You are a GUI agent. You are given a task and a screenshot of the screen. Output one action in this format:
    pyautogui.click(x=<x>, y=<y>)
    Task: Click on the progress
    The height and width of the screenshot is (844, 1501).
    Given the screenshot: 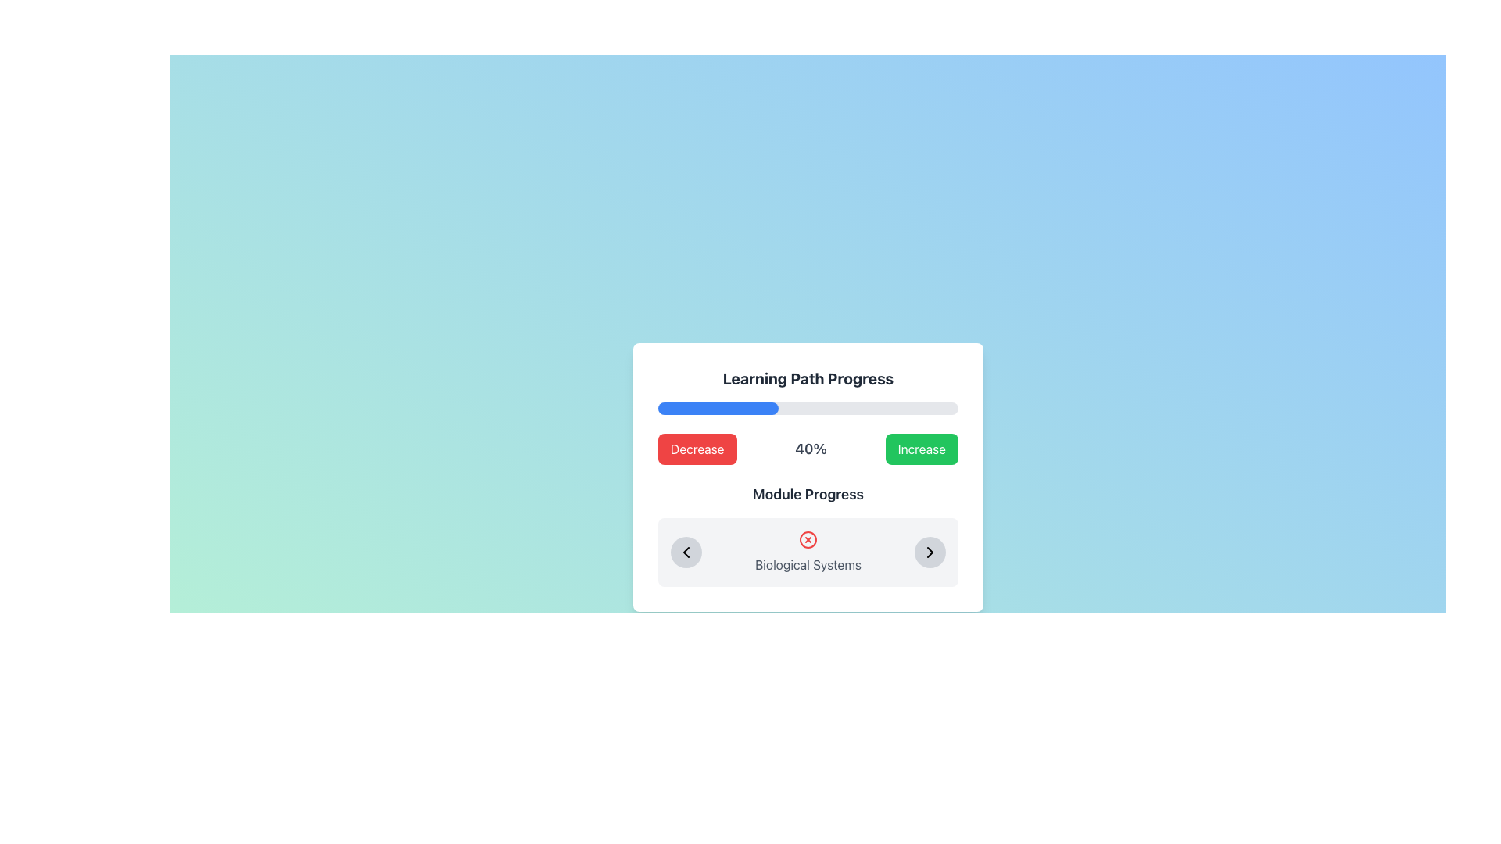 What is the action you would take?
    pyautogui.click(x=816, y=408)
    